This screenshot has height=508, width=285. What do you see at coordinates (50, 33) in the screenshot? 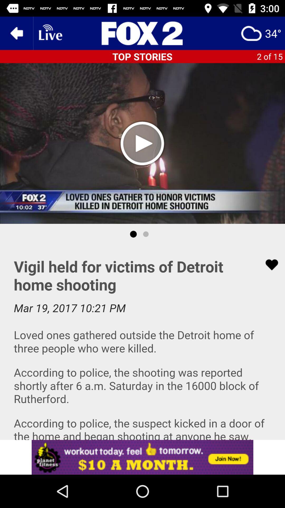
I see `watch live fox2` at bounding box center [50, 33].